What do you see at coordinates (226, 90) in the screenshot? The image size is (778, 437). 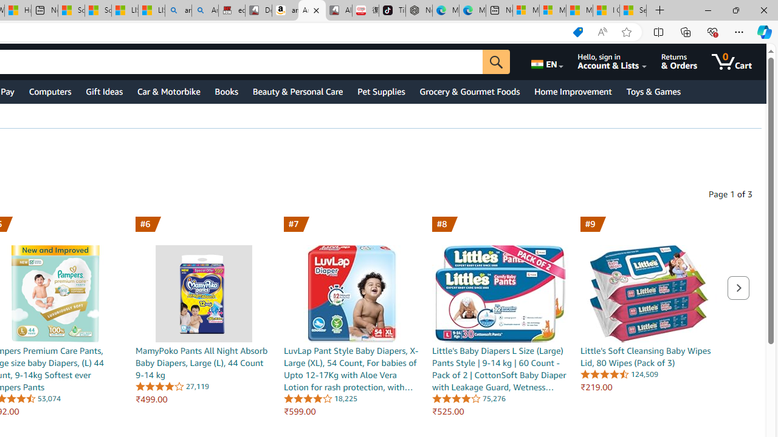 I see `'Books'` at bounding box center [226, 90].